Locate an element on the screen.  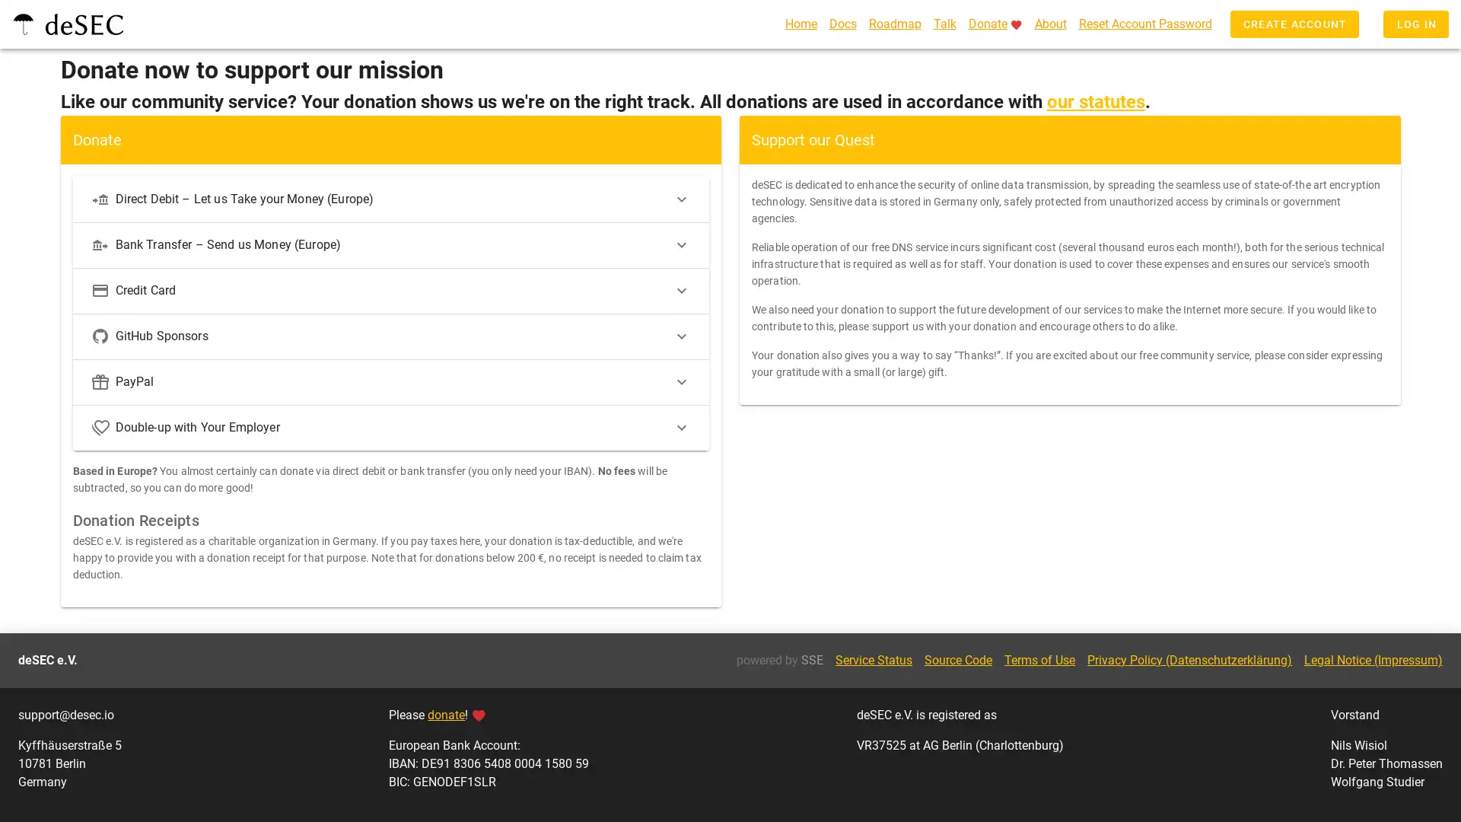
Direct Debit  Let us Take your Money (Europe) is located at coordinates (390, 205).